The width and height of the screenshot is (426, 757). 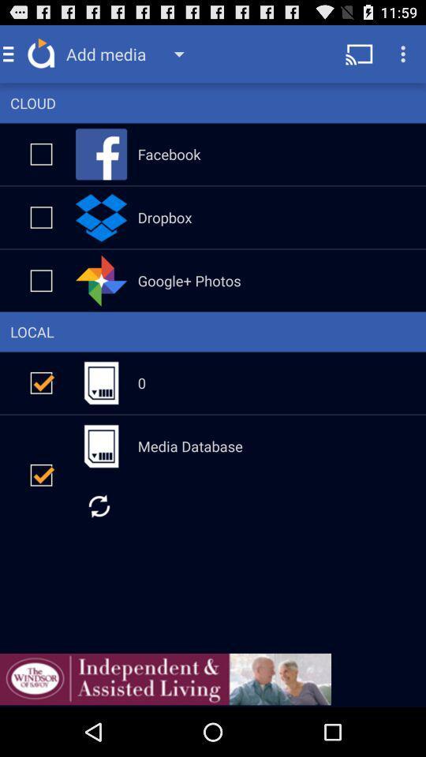 I want to click on selecting box, so click(x=41, y=216).